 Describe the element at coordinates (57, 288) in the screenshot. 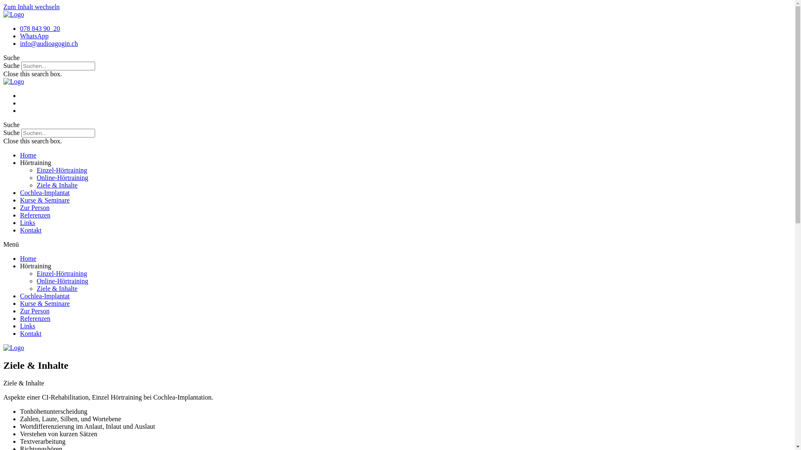

I see `'Ziele & Inhalte'` at that location.